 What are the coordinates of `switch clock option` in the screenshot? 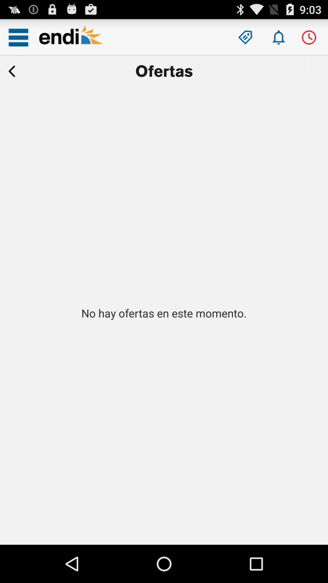 It's located at (309, 37).